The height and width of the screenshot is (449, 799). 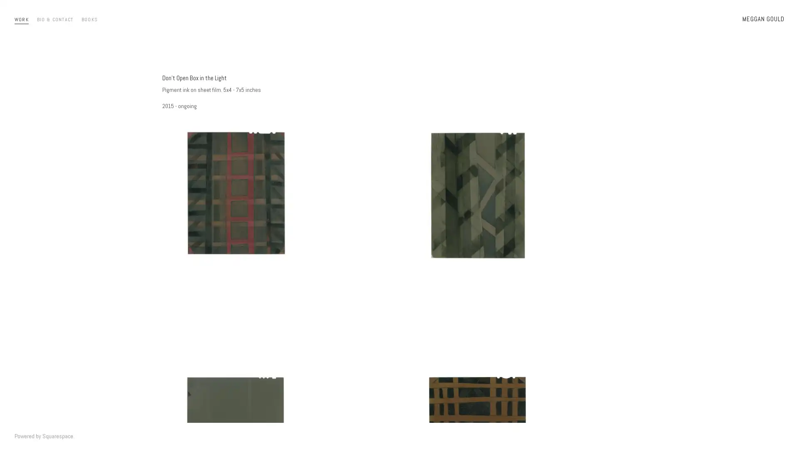 What do you see at coordinates (279, 237) in the screenshot?
I see `View fullsize ink-2.jpg` at bounding box center [279, 237].